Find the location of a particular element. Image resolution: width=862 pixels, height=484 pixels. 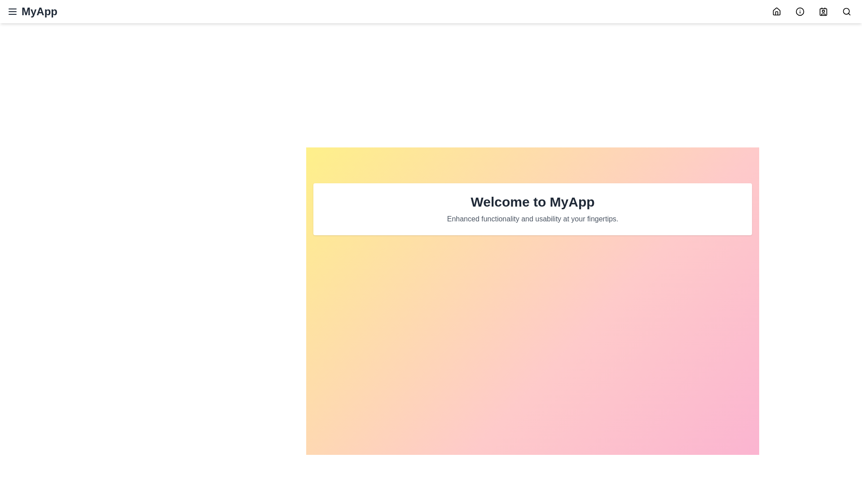

the Info icon in the navigation bar is located at coordinates (800, 12).